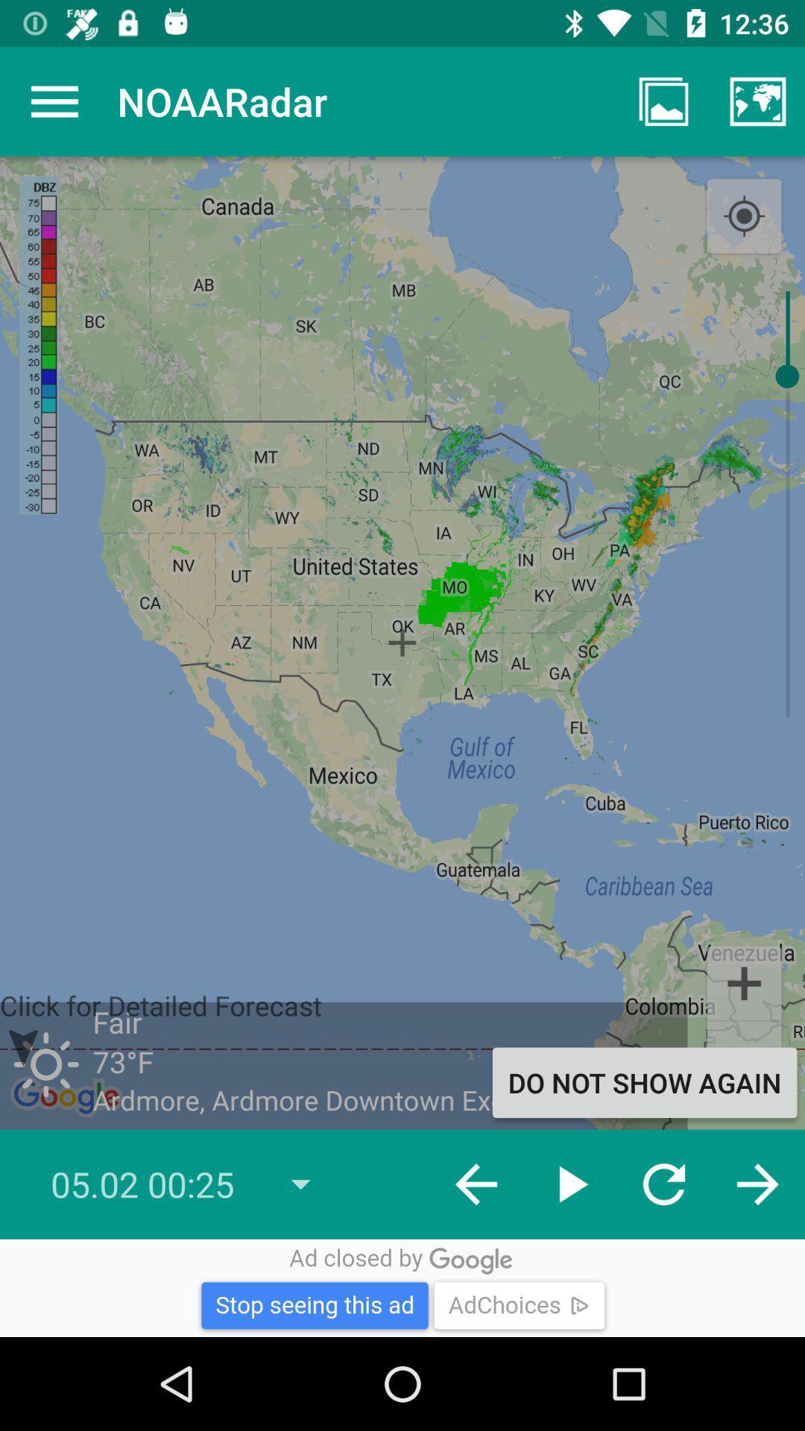 The width and height of the screenshot is (805, 1431). Describe the element at coordinates (402, 1287) in the screenshot. I see `advertisement` at that location.